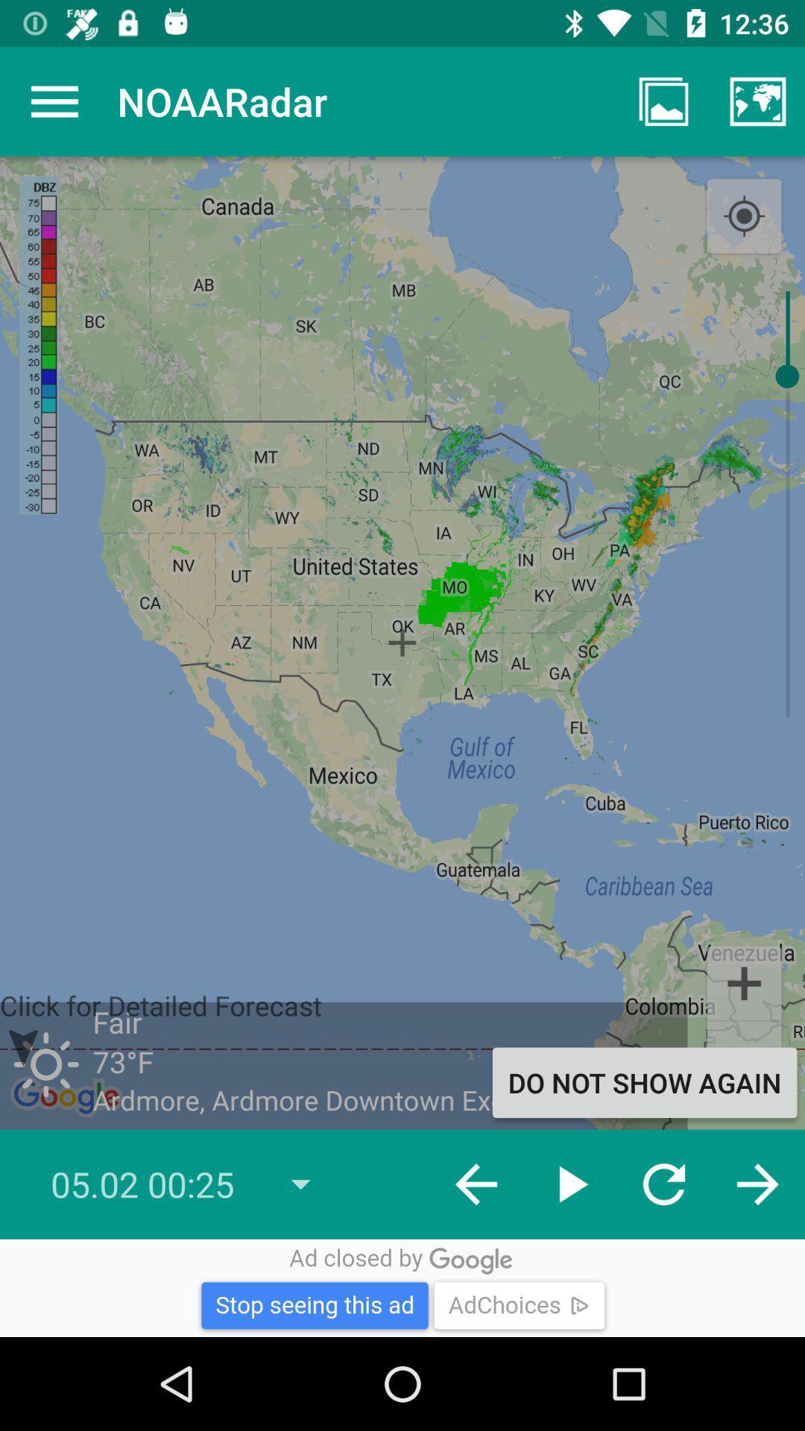 The width and height of the screenshot is (805, 1431). Describe the element at coordinates (402, 1287) in the screenshot. I see `advertisement` at that location.